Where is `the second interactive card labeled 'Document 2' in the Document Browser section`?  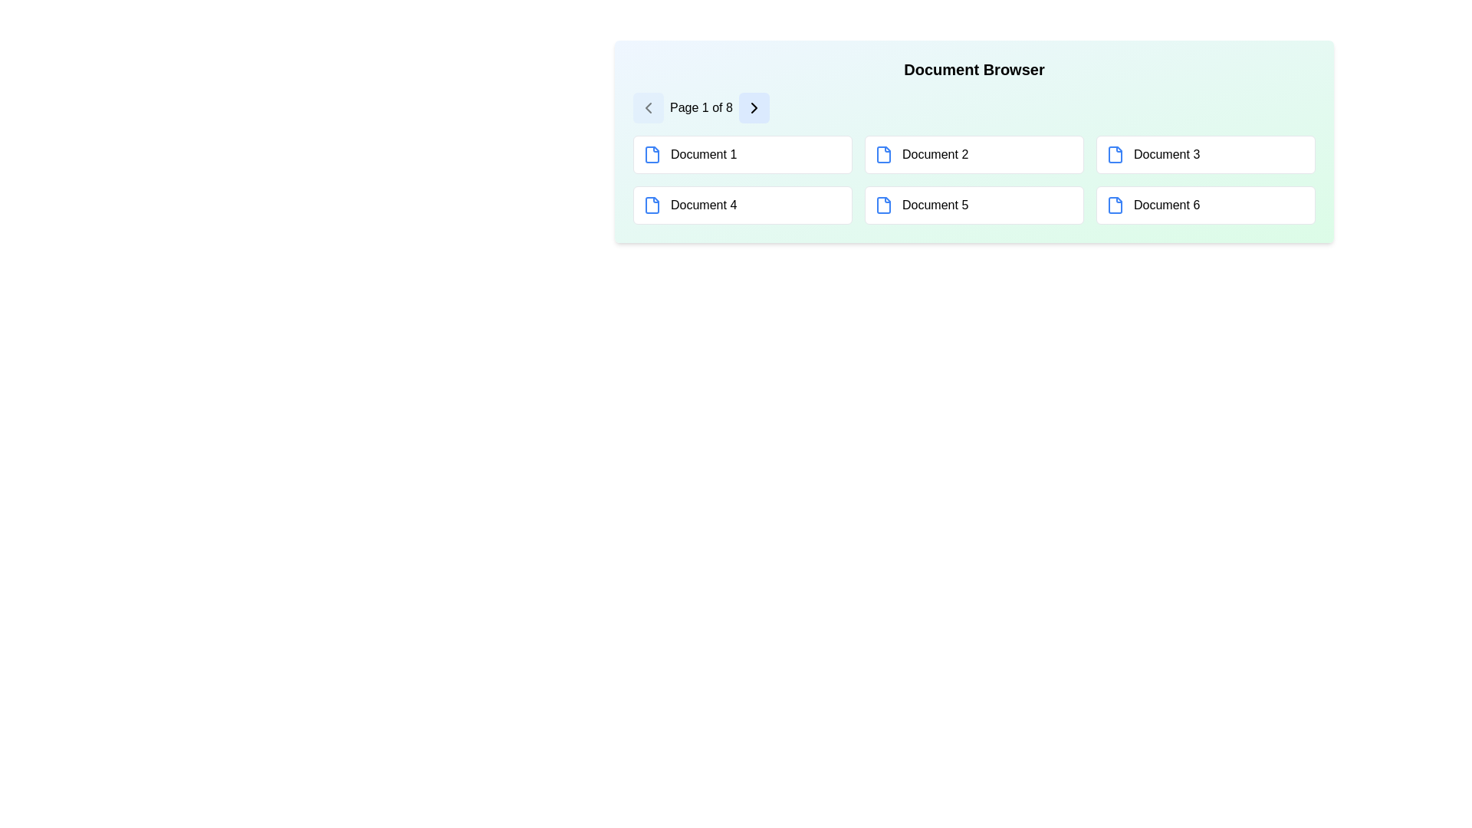 the second interactive card labeled 'Document 2' in the Document Browser section is located at coordinates (974, 154).